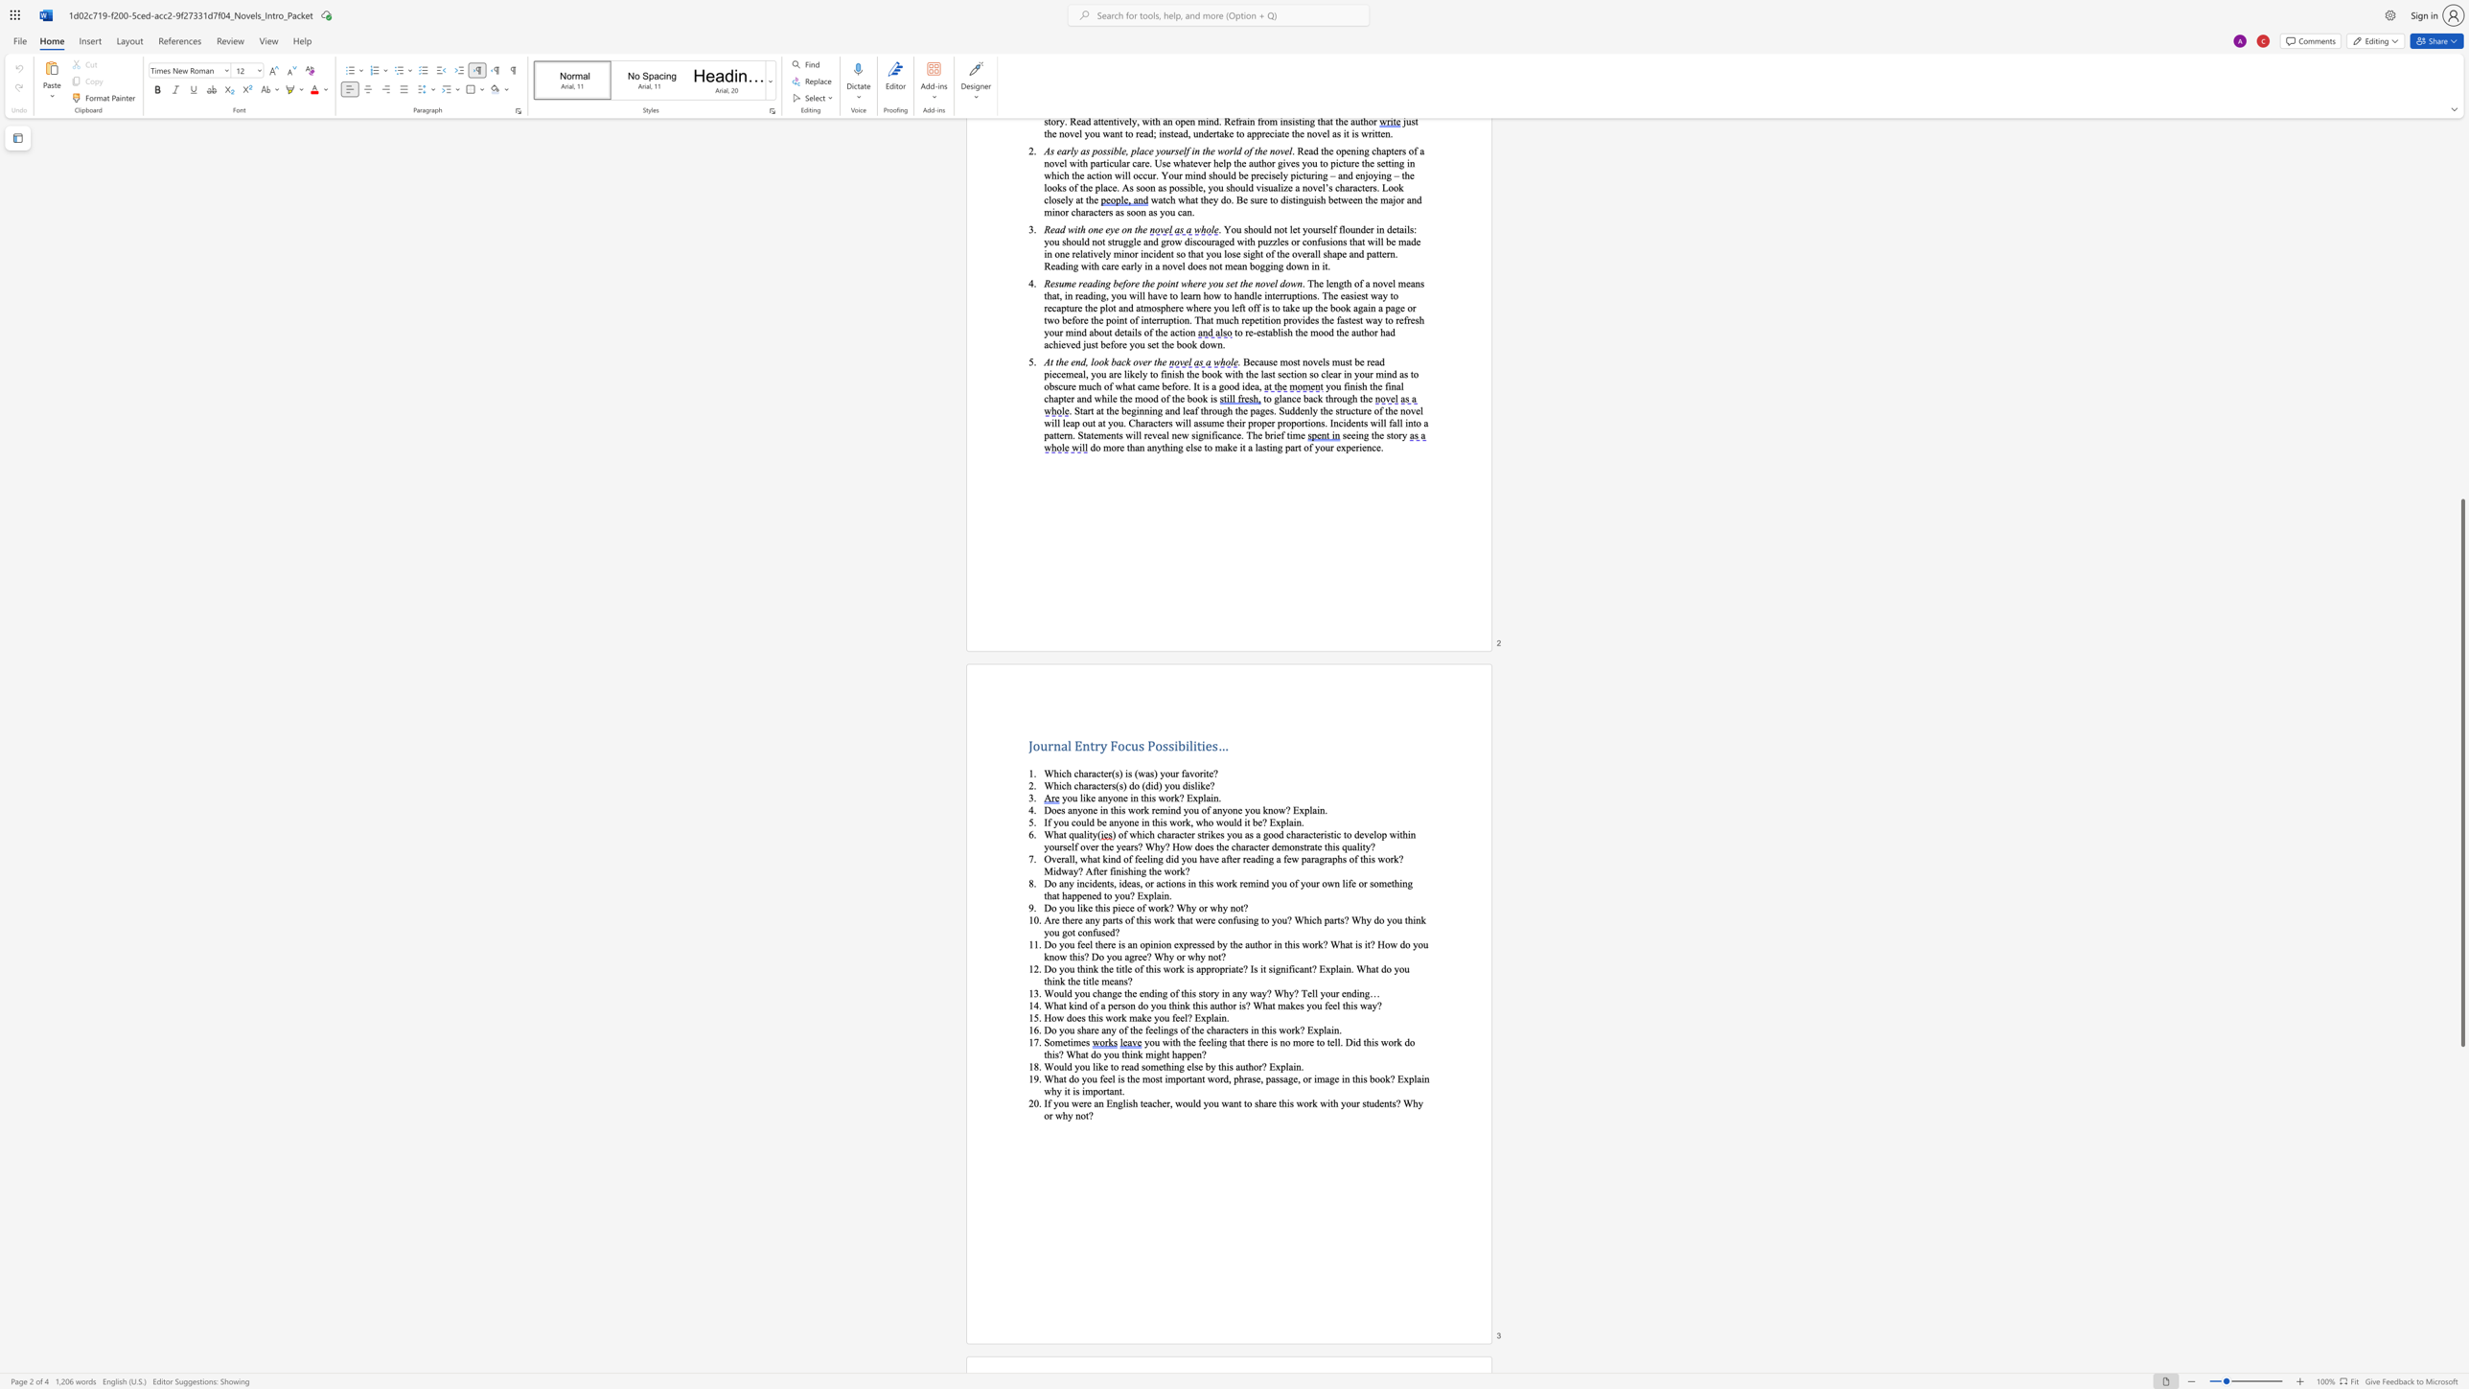 Image resolution: width=2469 pixels, height=1389 pixels. What do you see at coordinates (1073, 796) in the screenshot?
I see `the space between the continuous character "o" and "u" in the text` at bounding box center [1073, 796].